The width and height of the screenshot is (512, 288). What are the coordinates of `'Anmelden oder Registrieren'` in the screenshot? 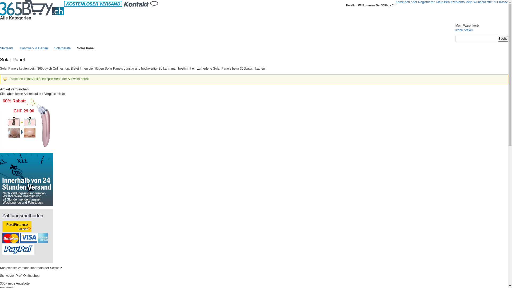 It's located at (395, 2).